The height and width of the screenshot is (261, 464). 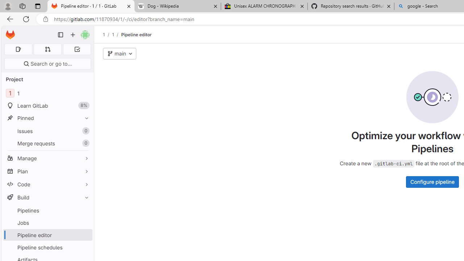 I want to click on 'Unpin Issues', so click(x=85, y=131).